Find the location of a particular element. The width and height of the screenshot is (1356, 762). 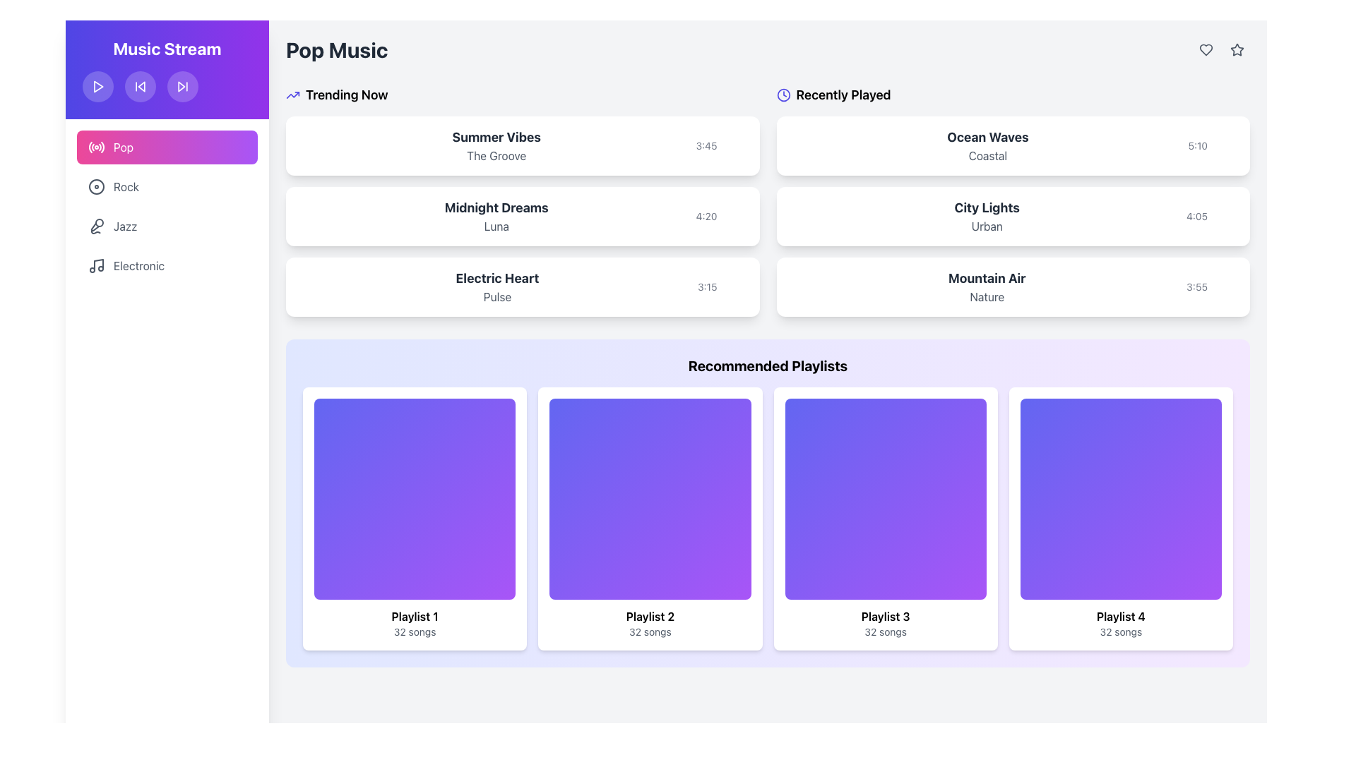

secondary text associated with the music item 'Midnight Dreams' located in the 'Trending Now' section, positioned directly below the main item is located at coordinates (496, 225).